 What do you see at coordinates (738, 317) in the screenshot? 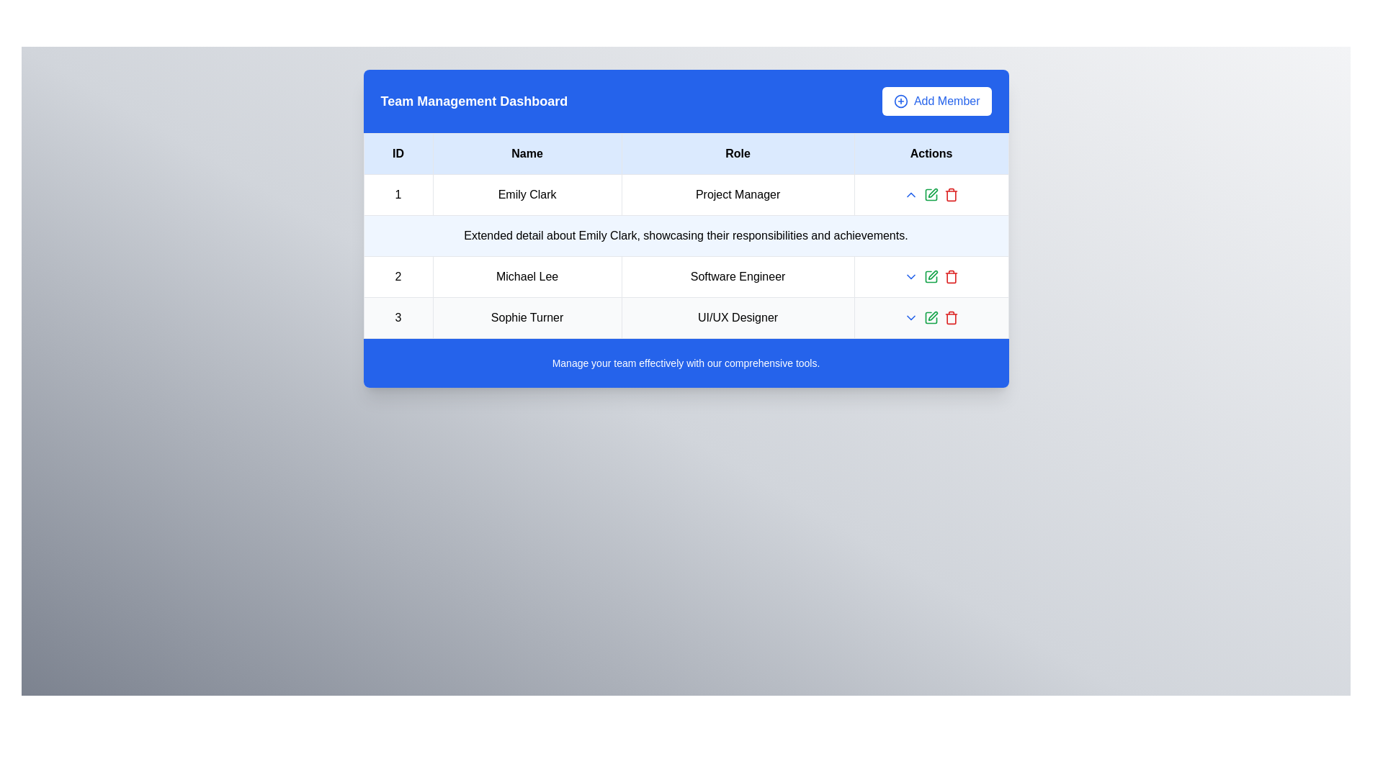
I see `the label displaying the professional role 'UI/UX Designer' for individual 'Sophie Turner' in the third row of the team management table` at bounding box center [738, 317].